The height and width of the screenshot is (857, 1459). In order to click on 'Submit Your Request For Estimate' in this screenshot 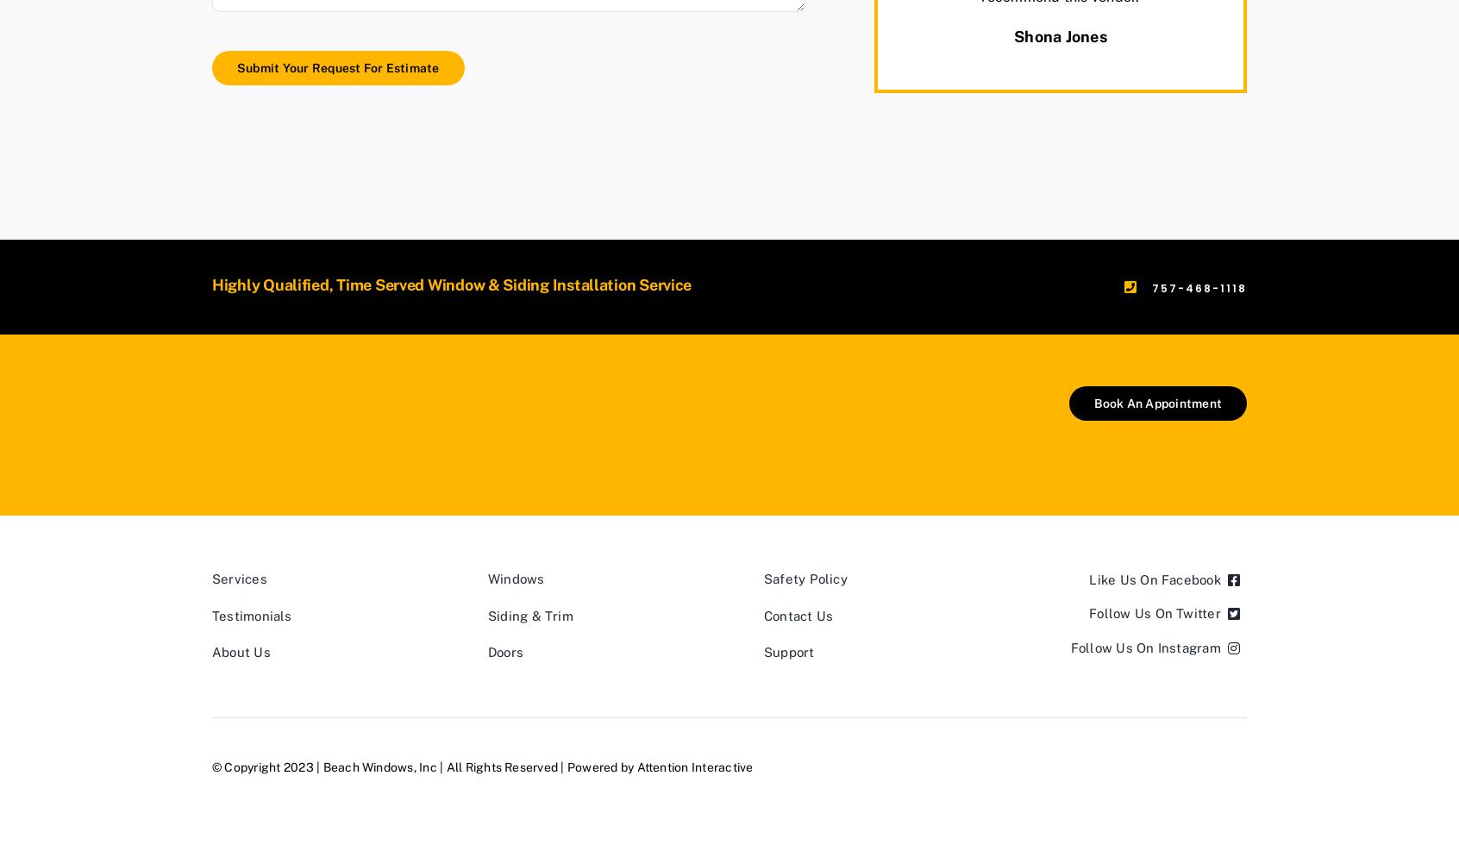, I will do `click(338, 68)`.